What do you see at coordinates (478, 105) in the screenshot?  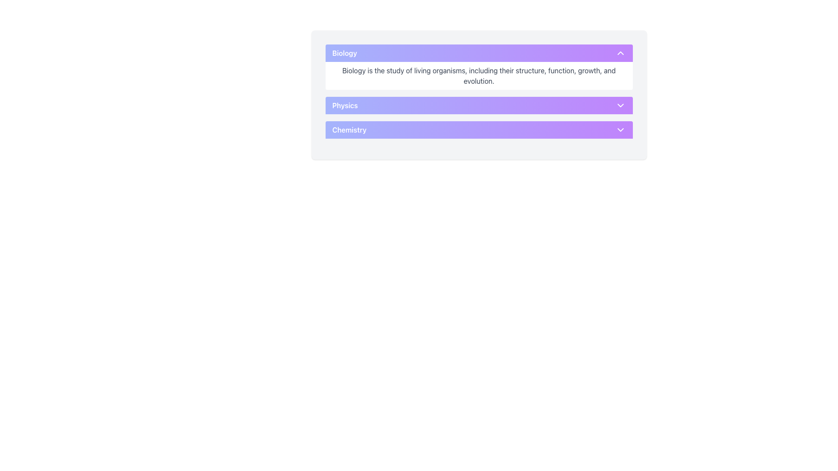 I see `the Dropdown menu toggle button which expands the 'Physics' section` at bounding box center [478, 105].